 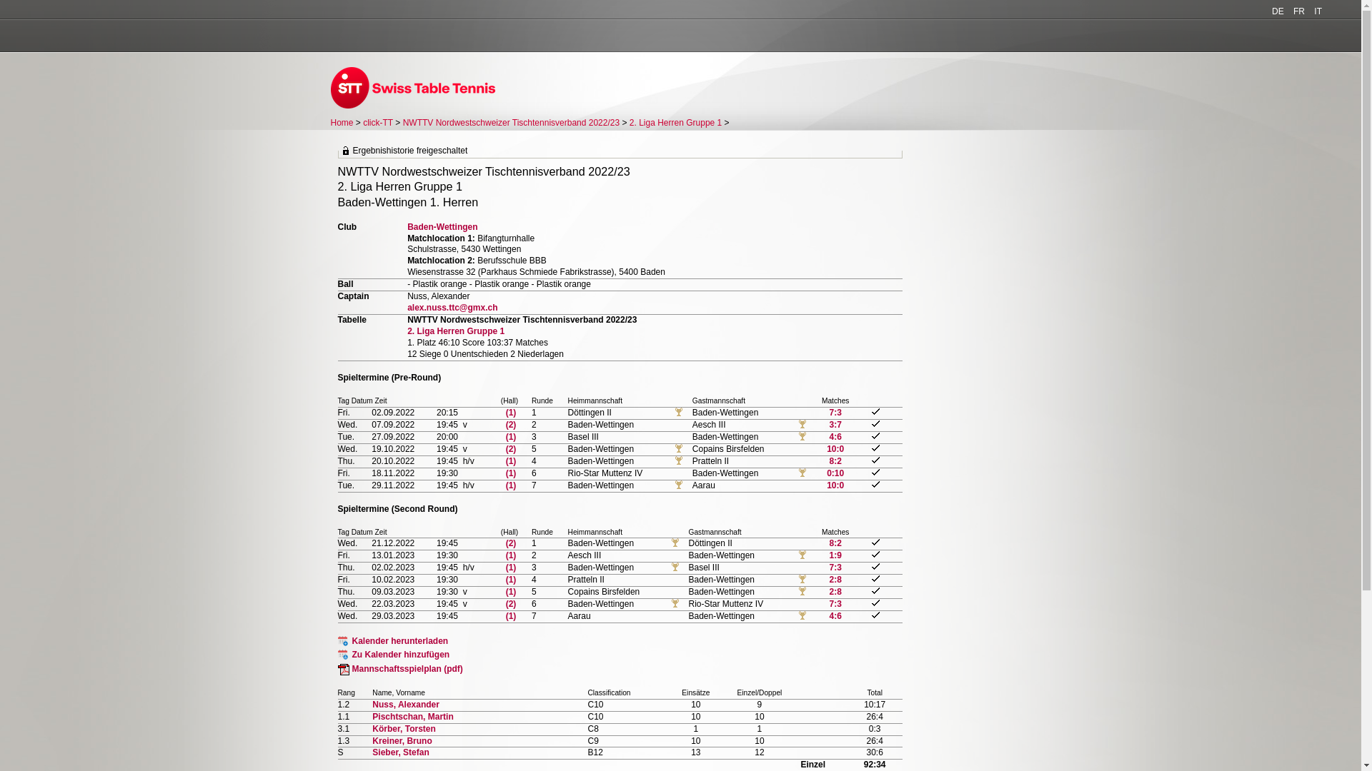 What do you see at coordinates (835, 448) in the screenshot?
I see `'10:0'` at bounding box center [835, 448].